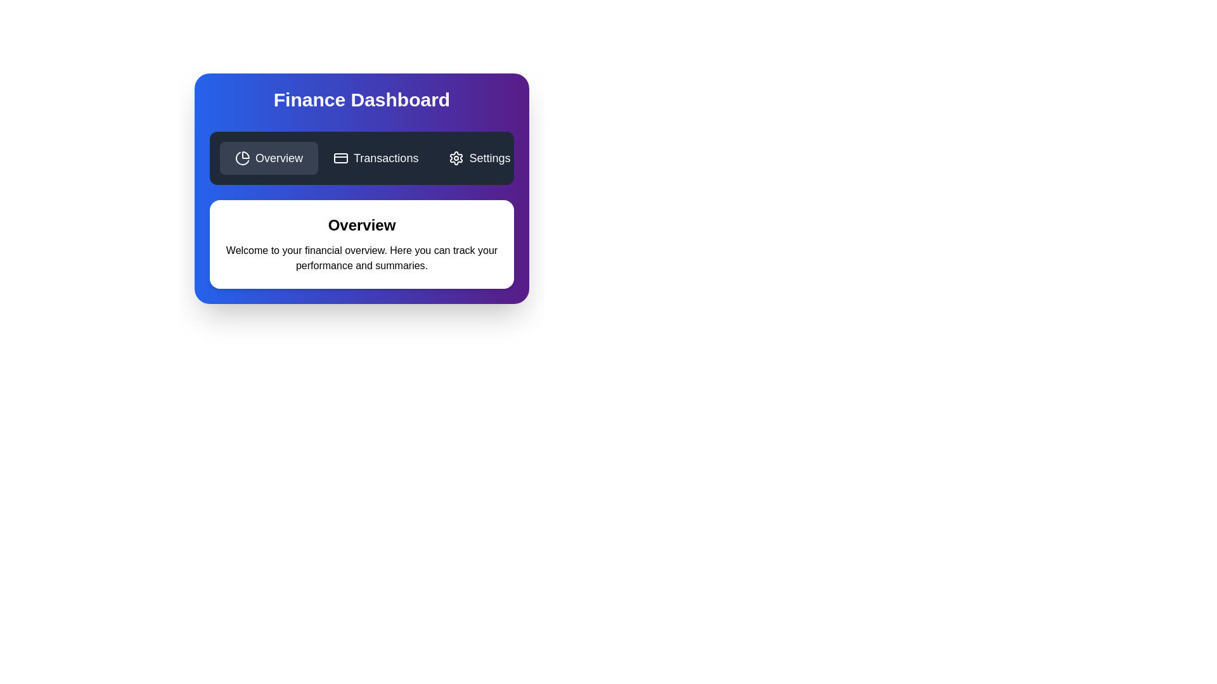  I want to click on the Heading element that serves as a title summarizing the section's content, located below the dark horizontal menu bar and centrally aligned at the top of the section, so click(361, 224).